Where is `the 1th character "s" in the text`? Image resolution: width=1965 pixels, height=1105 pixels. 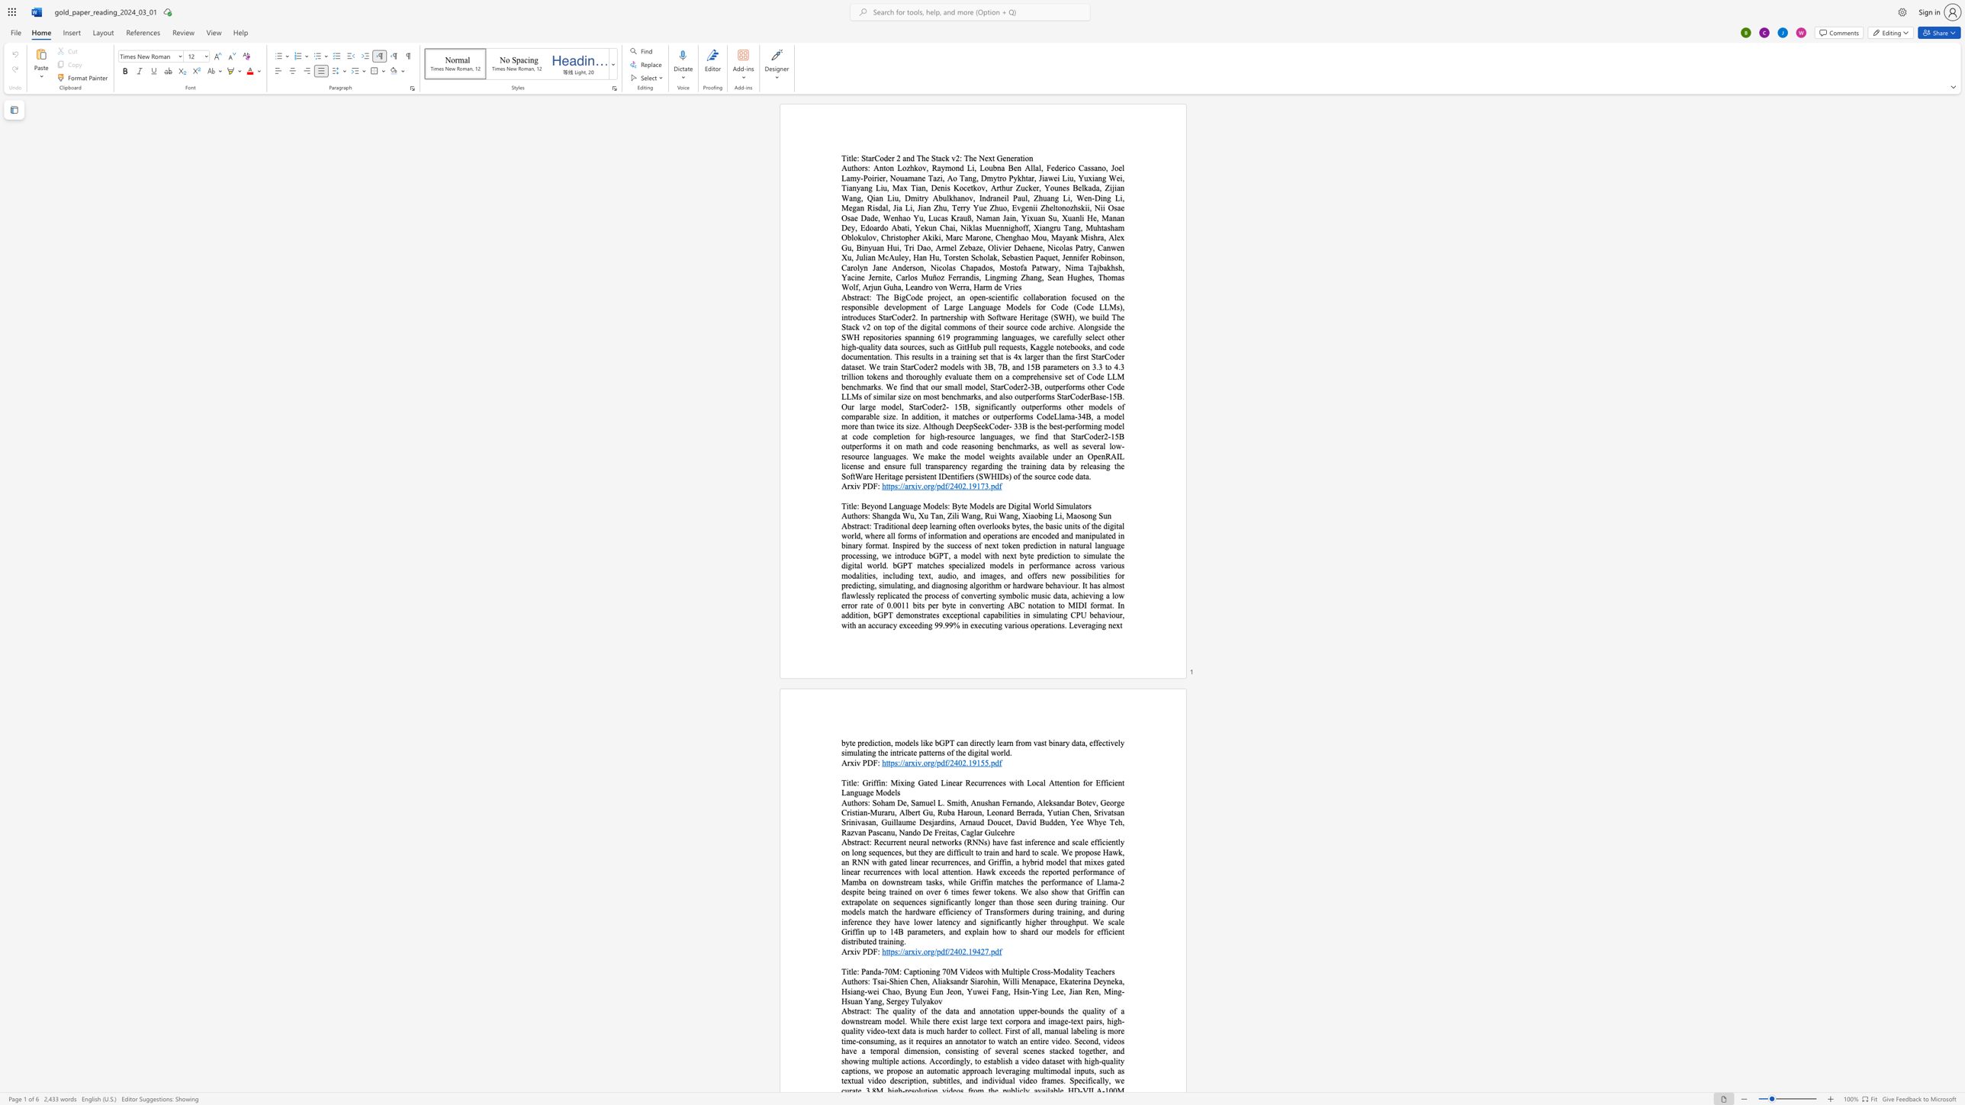 the 1th character "s" in the text is located at coordinates (853, 841).